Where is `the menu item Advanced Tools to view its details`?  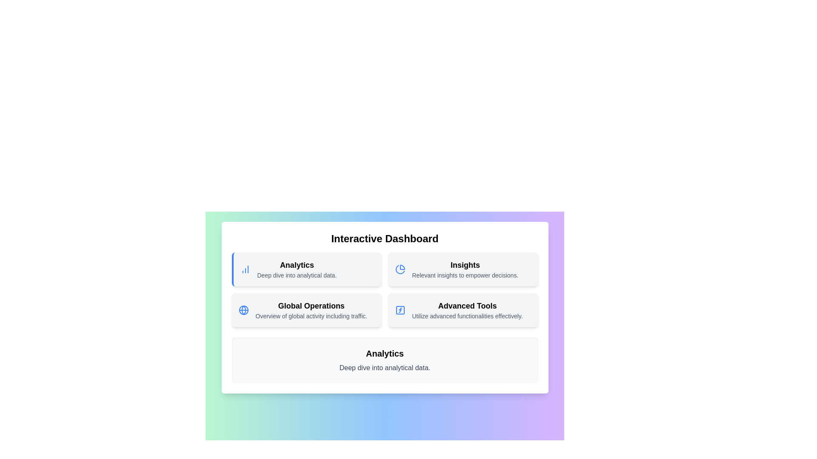
the menu item Advanced Tools to view its details is located at coordinates (463, 310).